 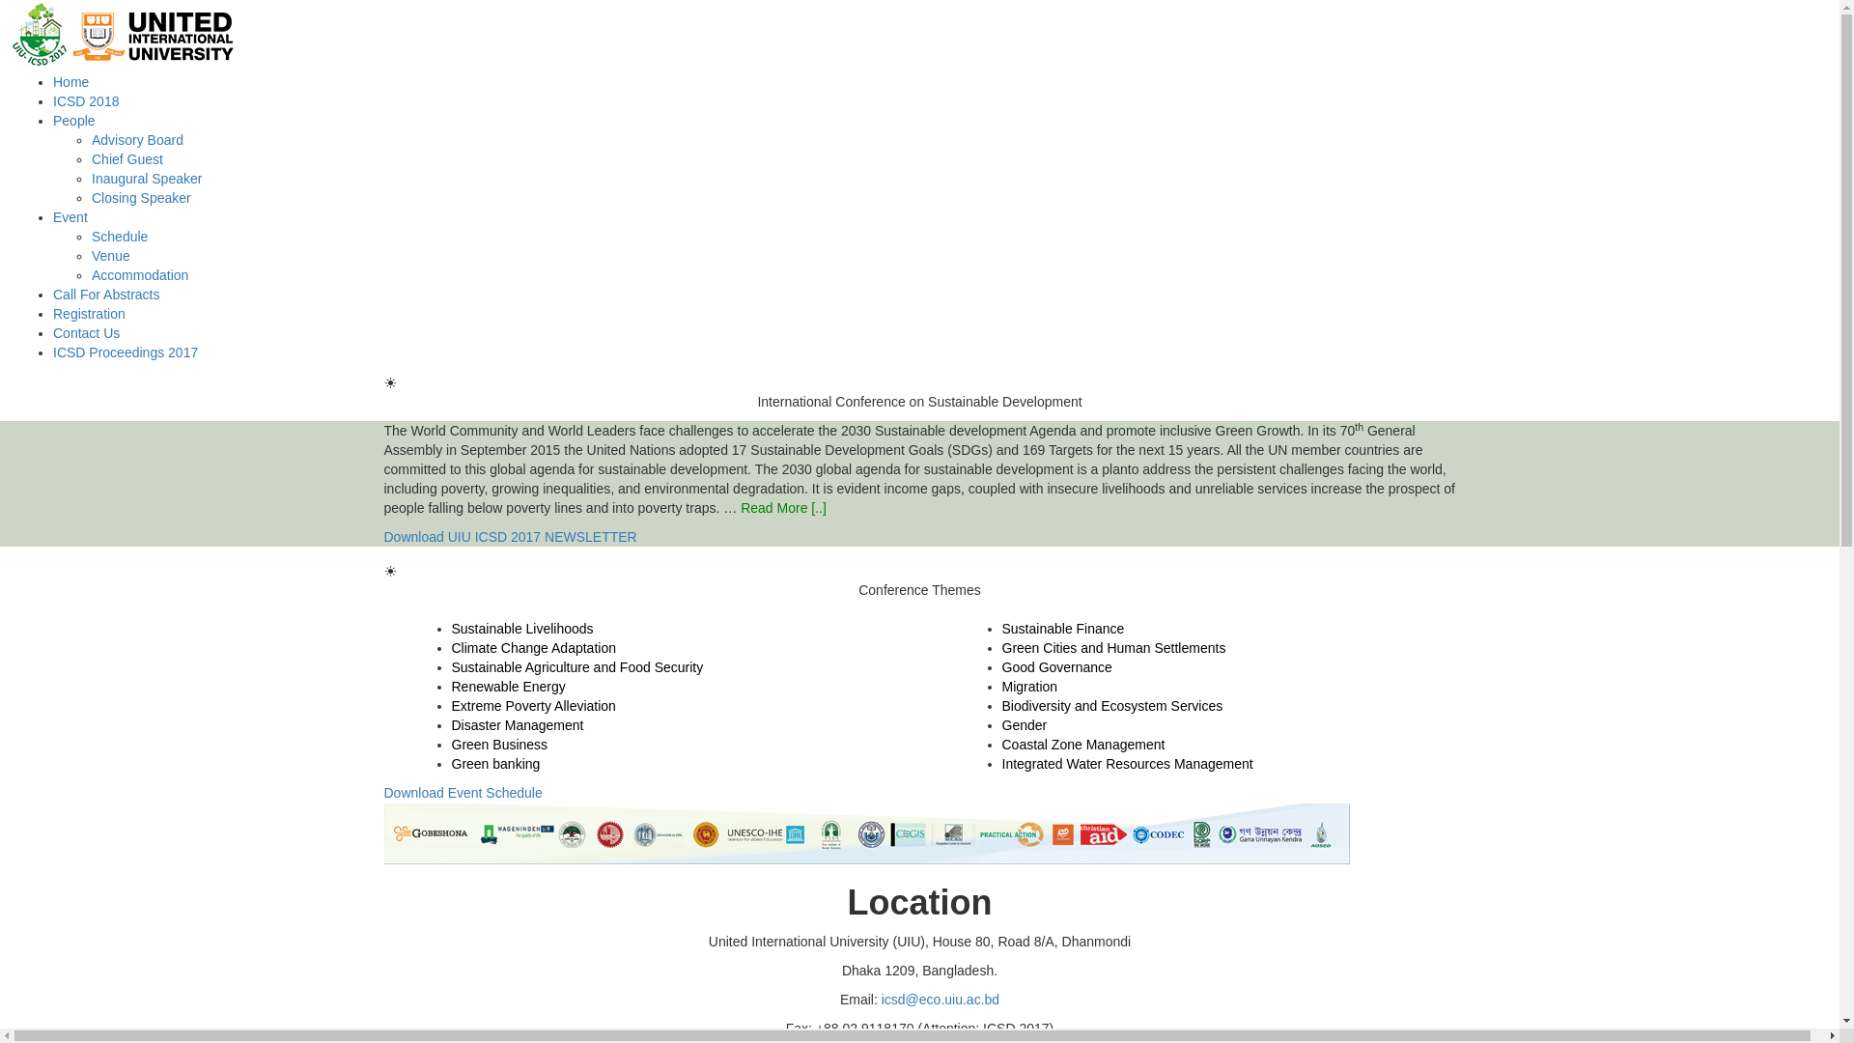 I want to click on 'Download UIU ICSD 2017 NEWSLETTER', so click(x=510, y=536).